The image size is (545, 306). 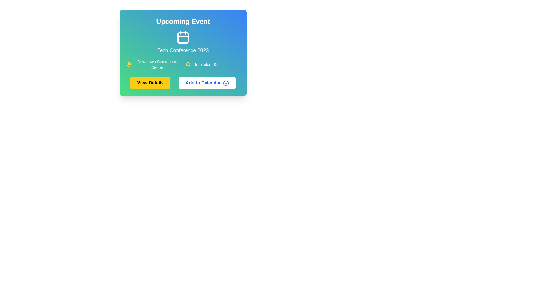 What do you see at coordinates (183, 38) in the screenshot?
I see `the small rounded rectangle inside the calendar icon at the top-center of the 'Upcoming Event' card` at bounding box center [183, 38].